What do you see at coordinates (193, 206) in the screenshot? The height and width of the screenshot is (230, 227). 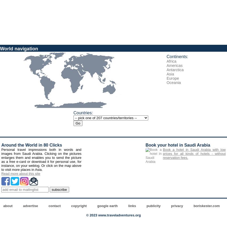 I see `'boriskester.com'` at bounding box center [193, 206].